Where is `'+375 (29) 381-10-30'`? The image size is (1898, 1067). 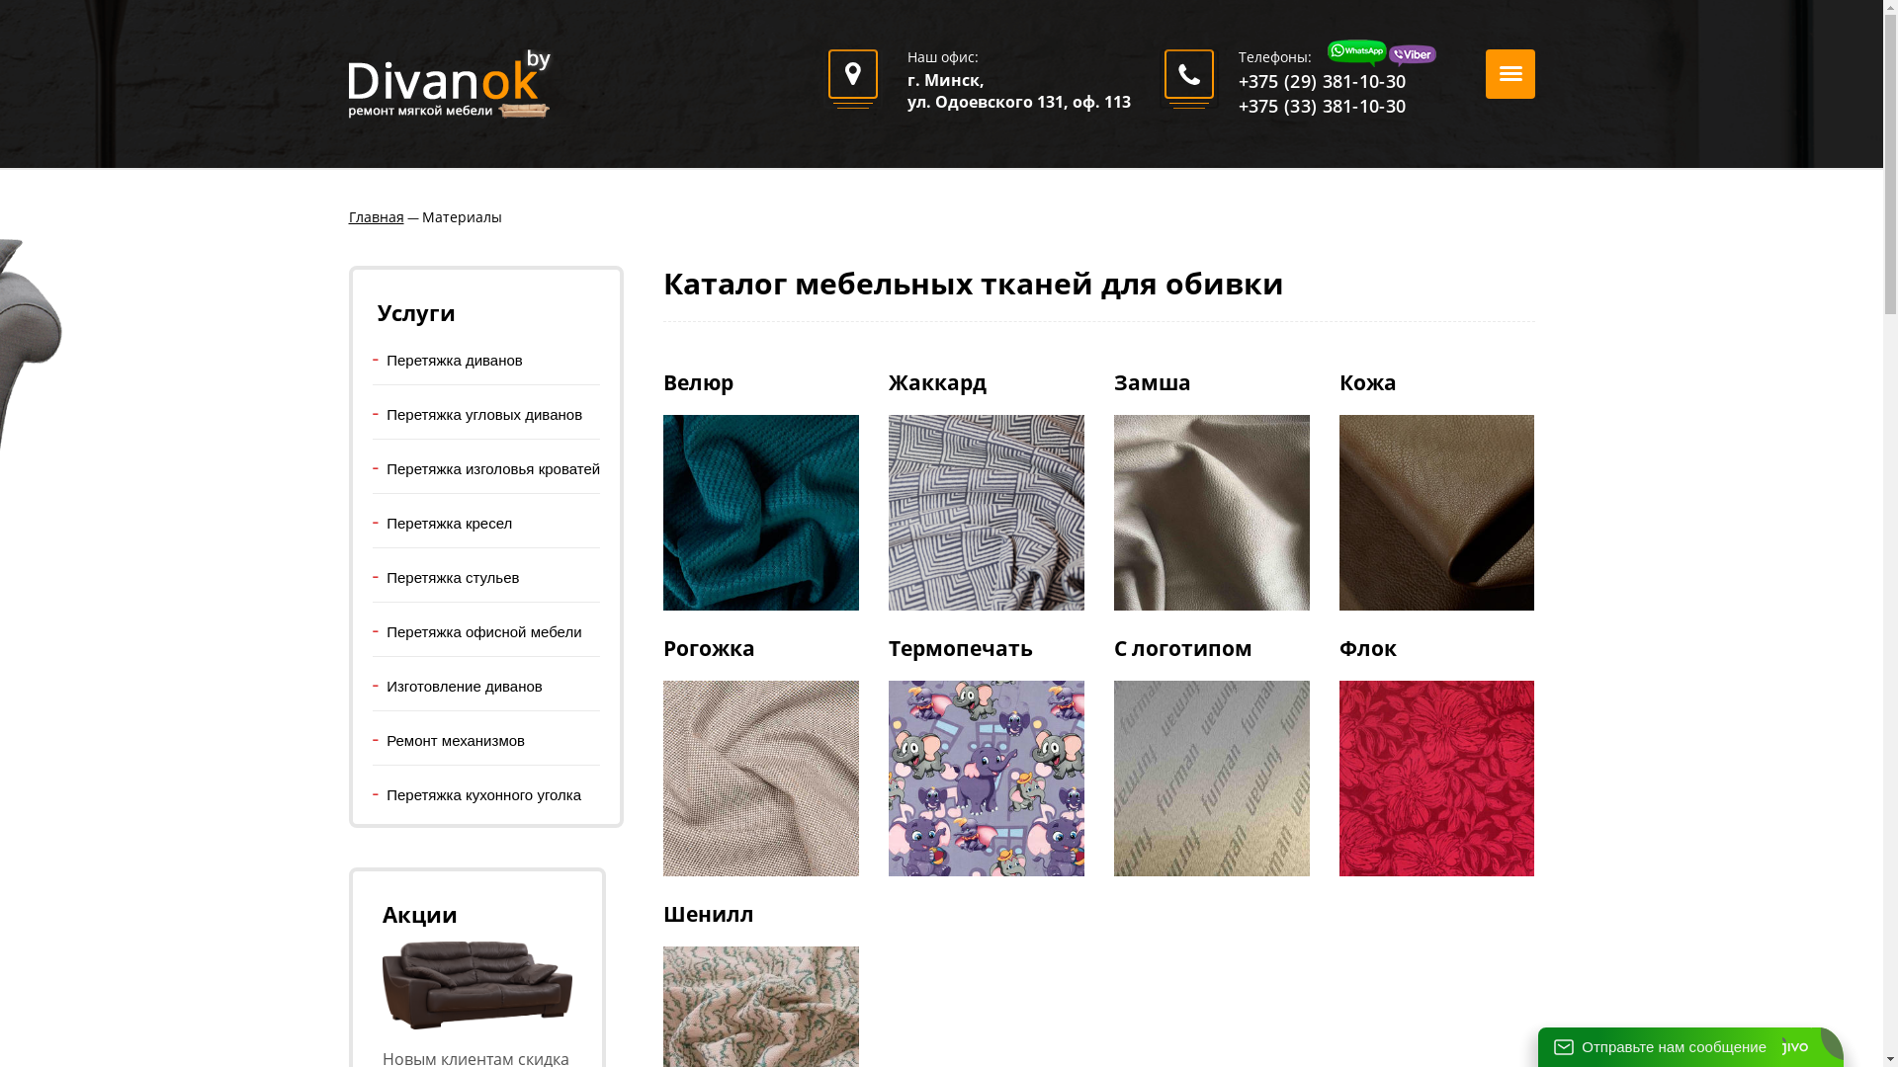 '+375 (29) 381-10-30' is located at coordinates (1322, 79).